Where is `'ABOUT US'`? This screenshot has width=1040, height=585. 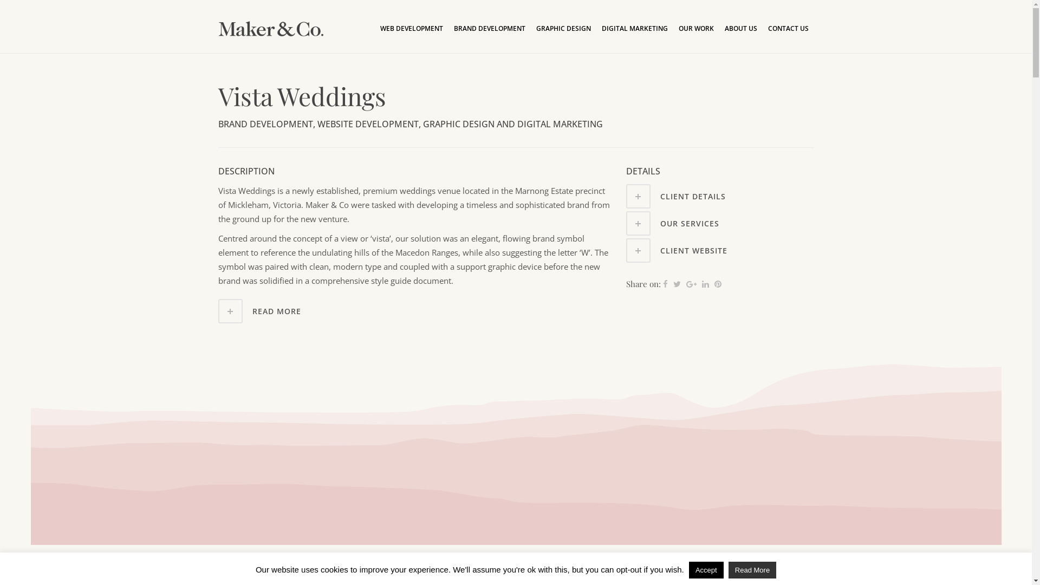
'ABOUT US' is located at coordinates (740, 28).